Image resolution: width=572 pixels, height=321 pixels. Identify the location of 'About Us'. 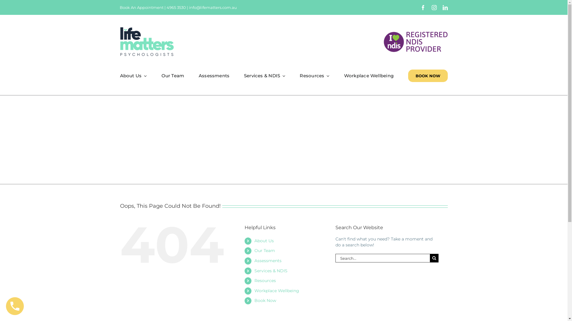
(264, 241).